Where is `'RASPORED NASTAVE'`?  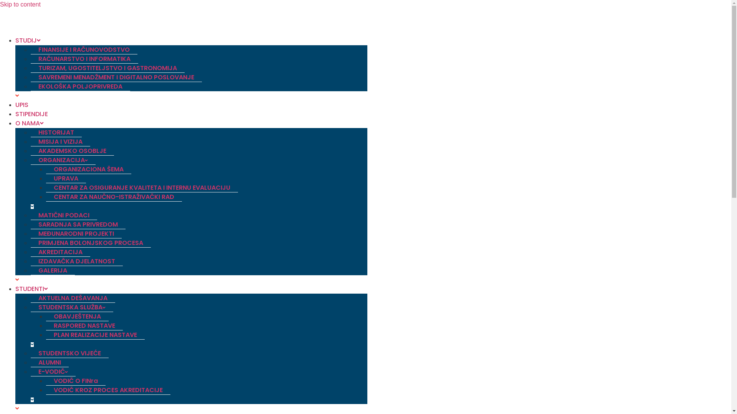
'RASPORED NASTAVE' is located at coordinates (46, 325).